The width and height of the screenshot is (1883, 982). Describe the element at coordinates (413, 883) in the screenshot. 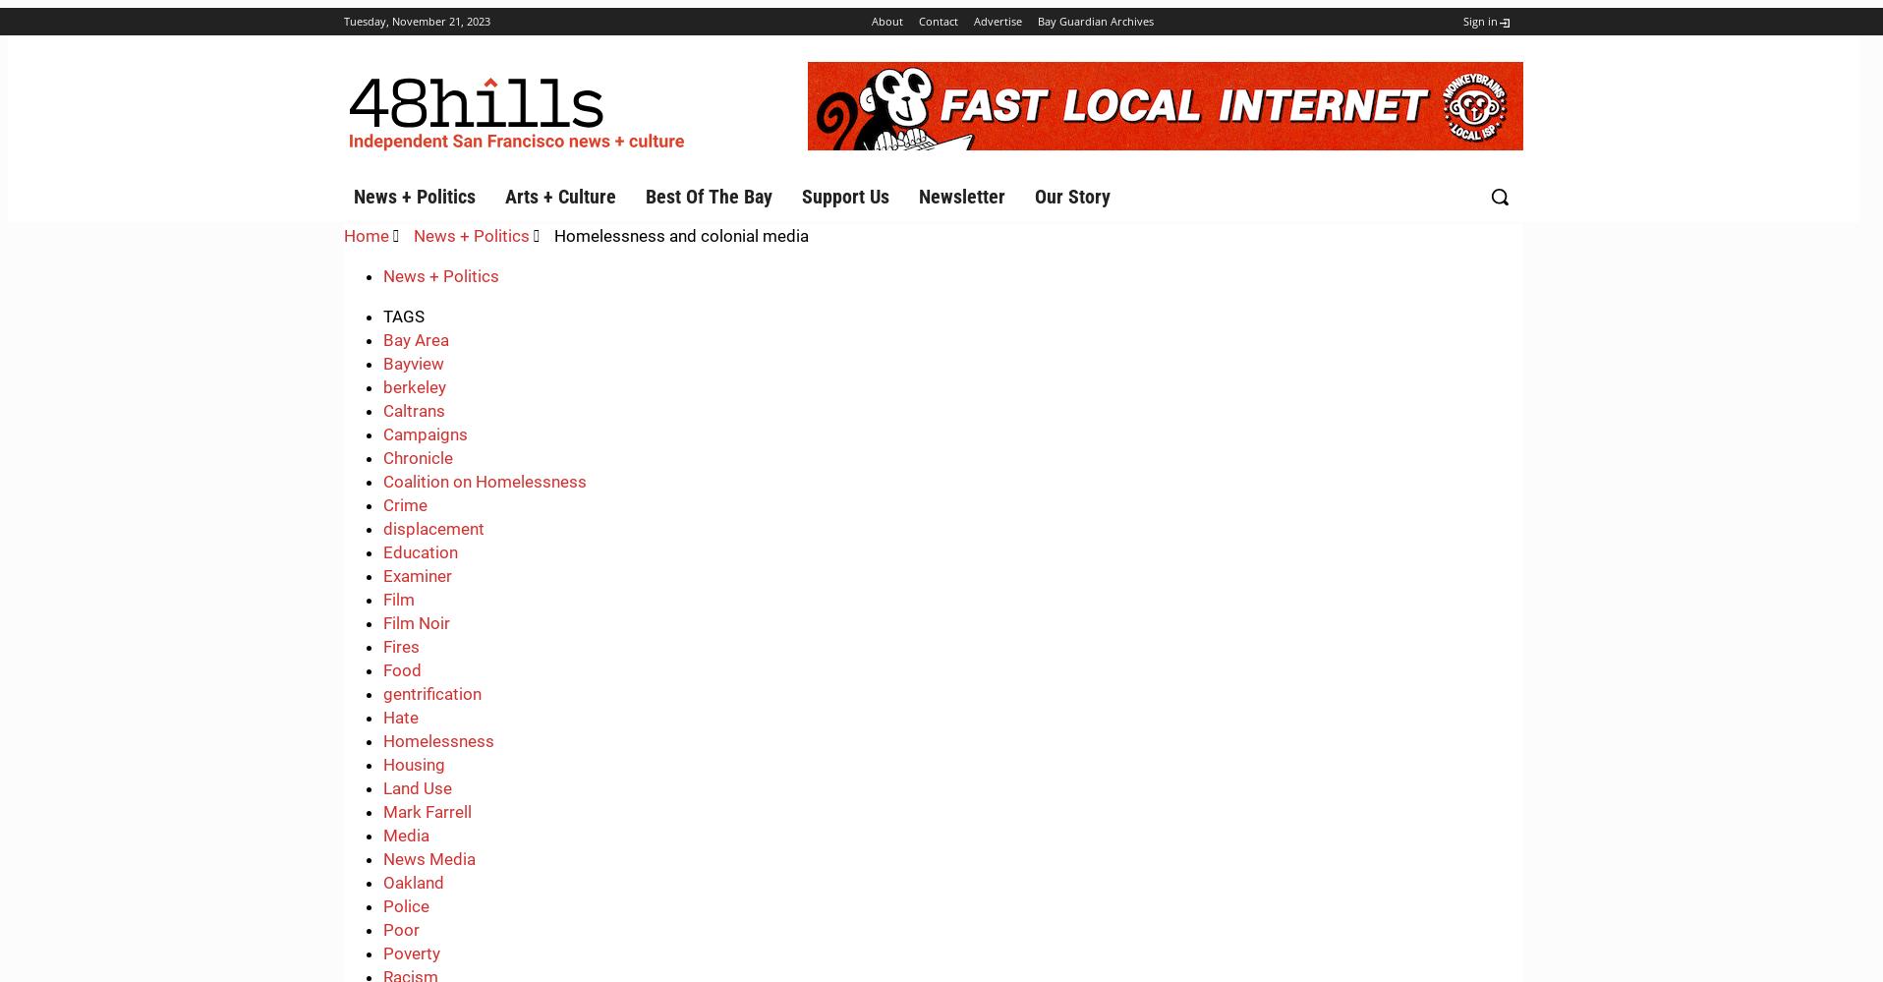

I see `'Oakland'` at that location.